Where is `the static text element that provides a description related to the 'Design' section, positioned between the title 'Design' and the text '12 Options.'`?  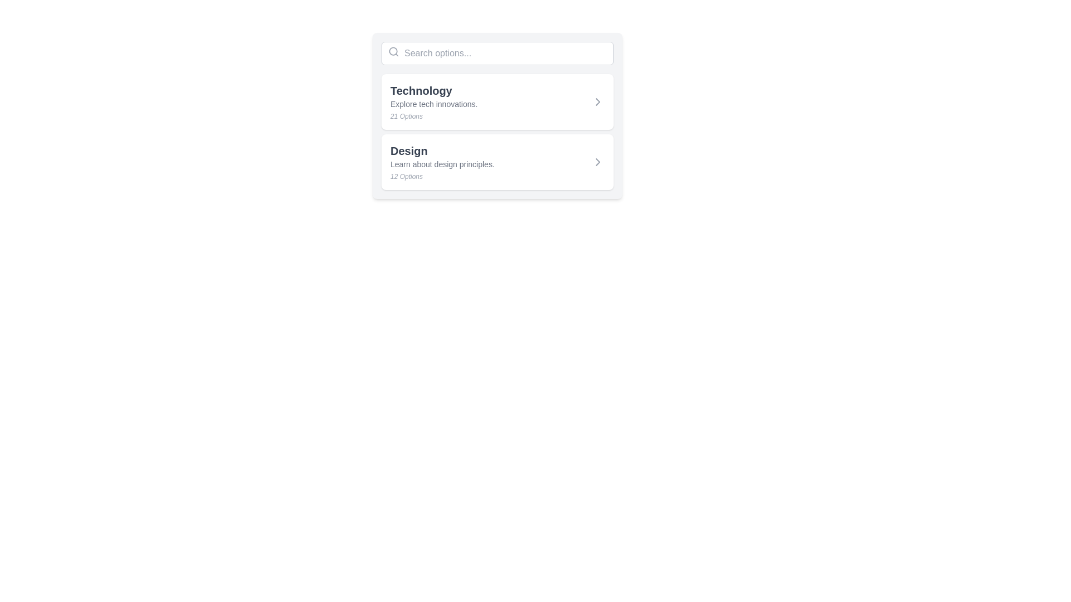
the static text element that provides a description related to the 'Design' section, positioned between the title 'Design' and the text '12 Options.' is located at coordinates (442, 164).